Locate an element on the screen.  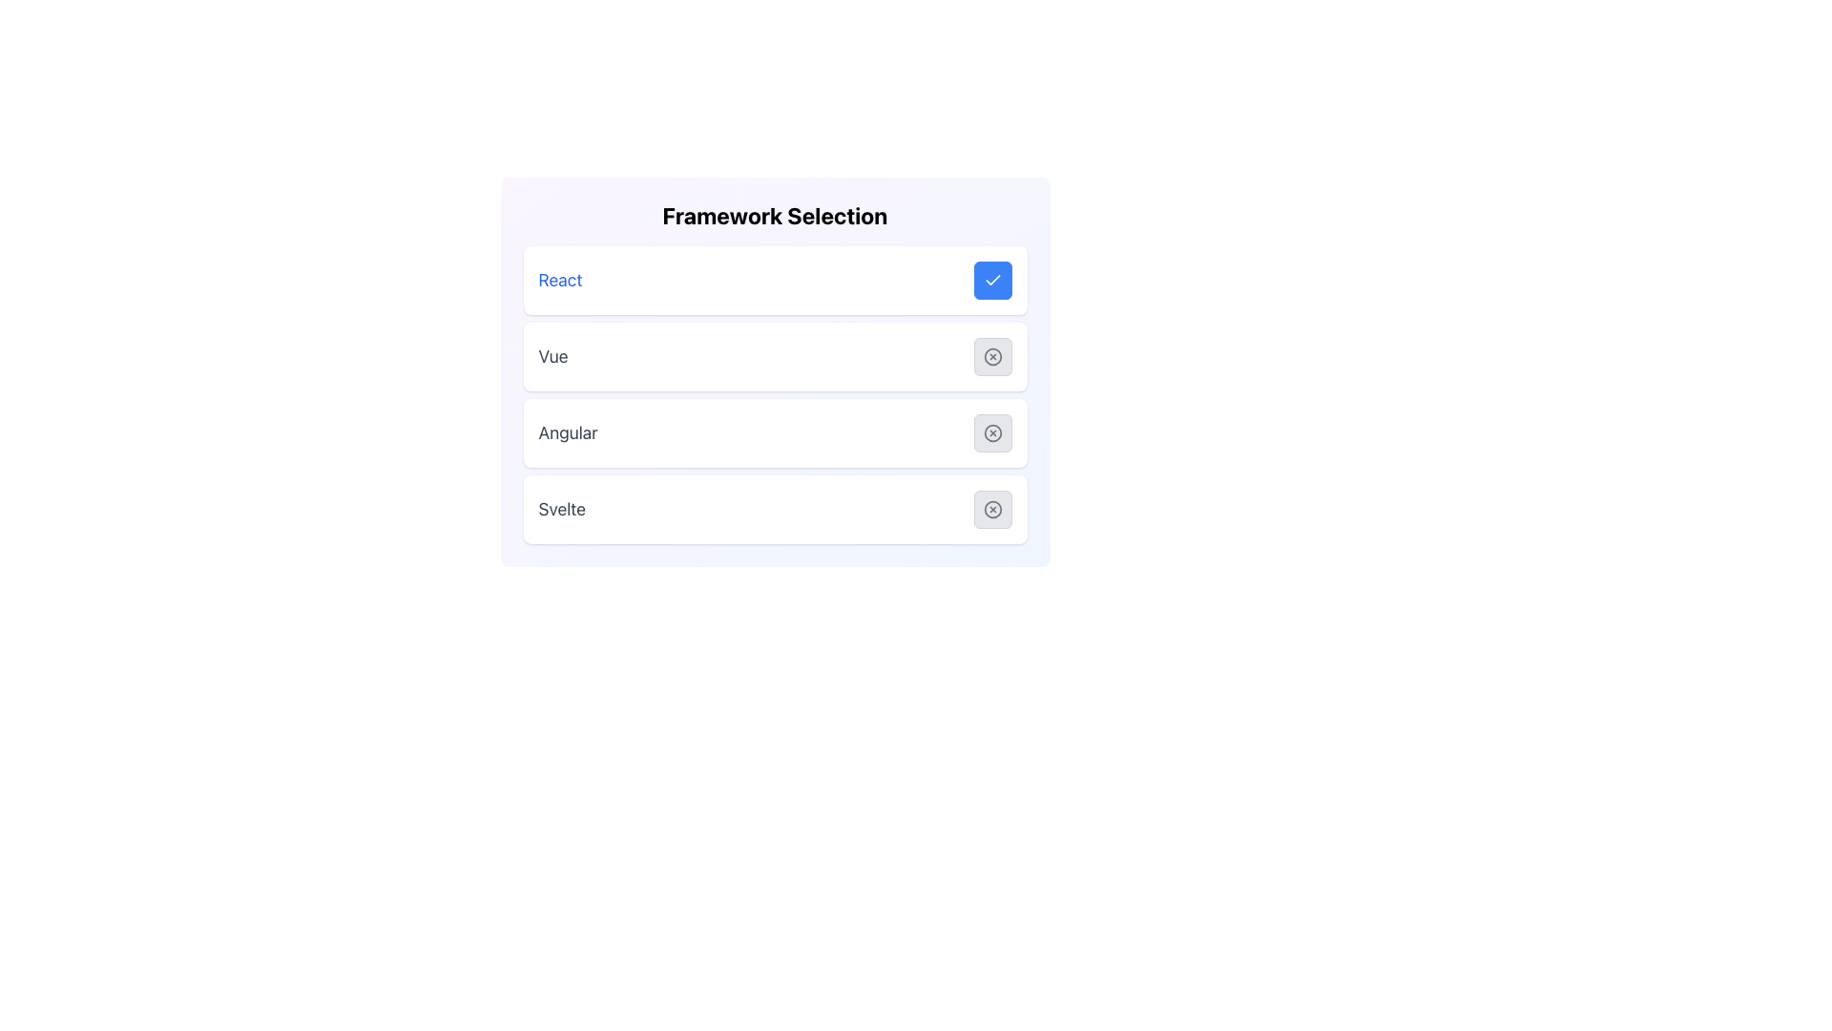
the visual cue icon indicating the selection status of the 'React' option in the Framework Selection list is located at coordinates (992, 280).